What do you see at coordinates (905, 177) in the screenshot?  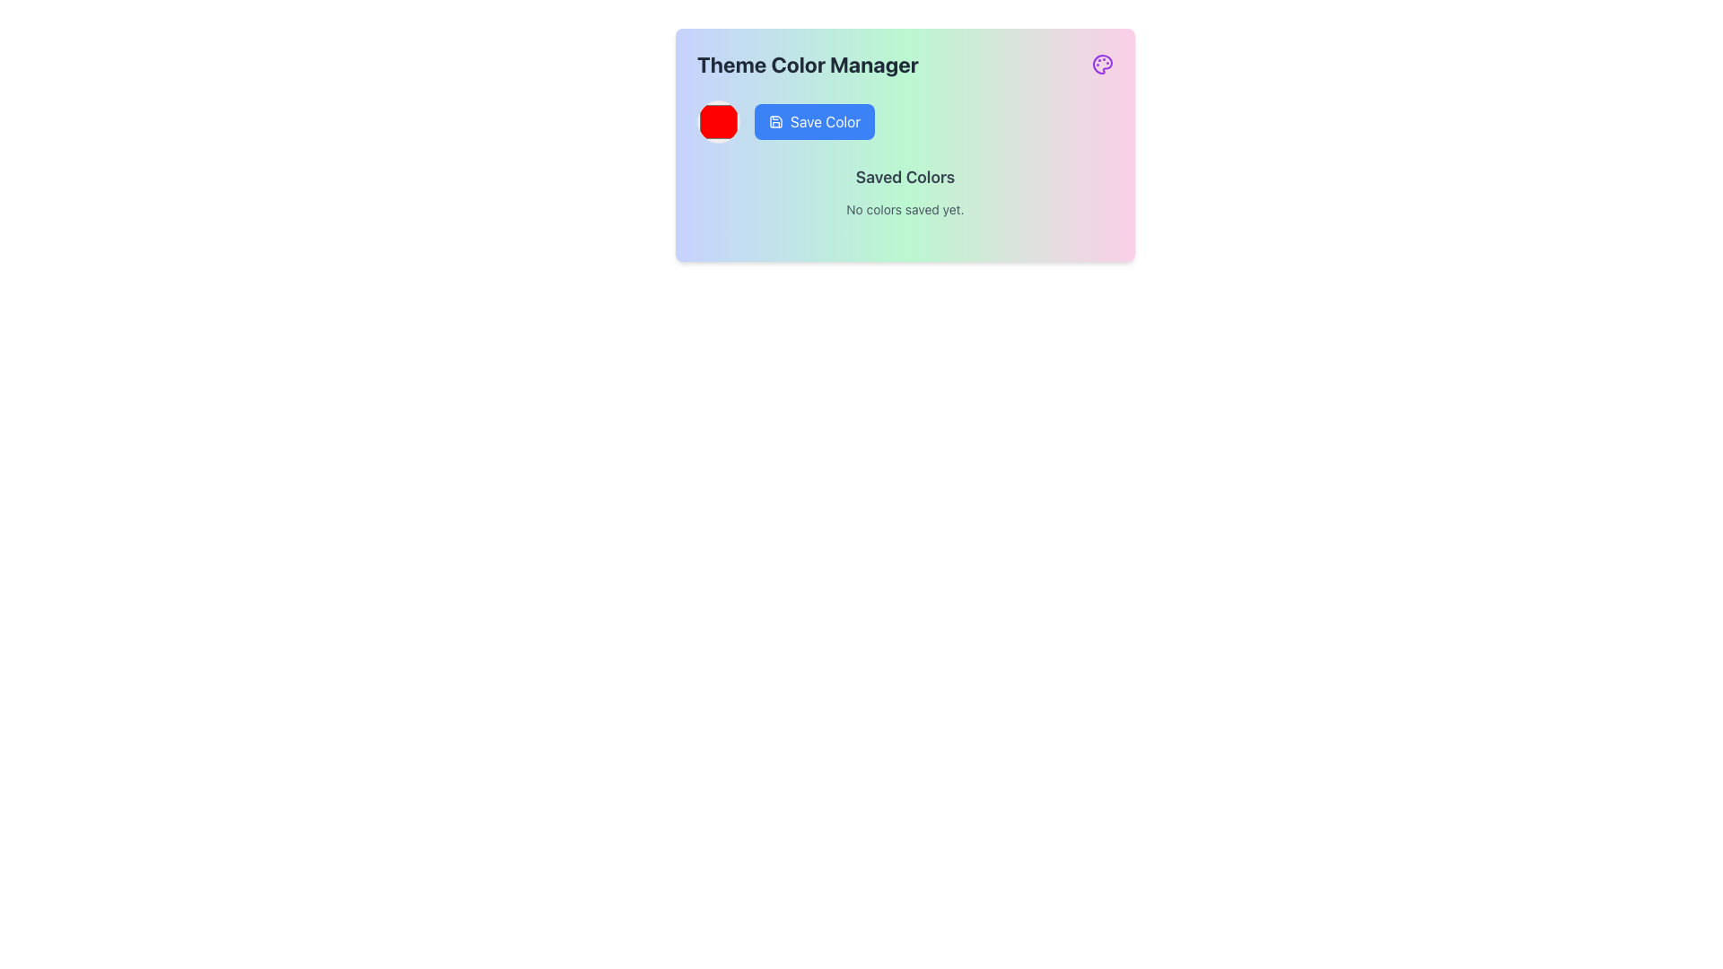 I see `the text label that reads 'Saved Colors', which is styled with a bold font, large size, and gray color, positioned centrally above the 'No colors saved yet.' text` at bounding box center [905, 177].